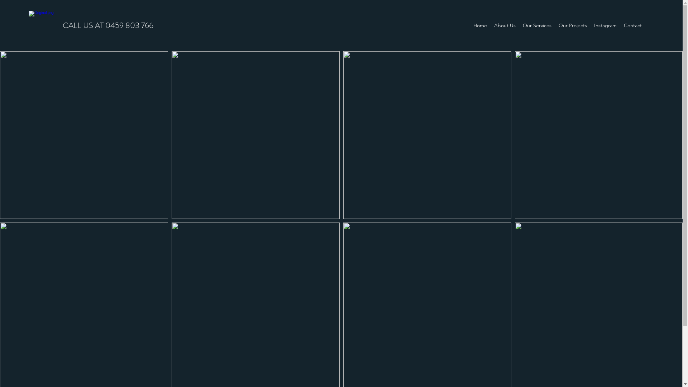  Describe the element at coordinates (572, 25) in the screenshot. I see `'Our Projects'` at that location.